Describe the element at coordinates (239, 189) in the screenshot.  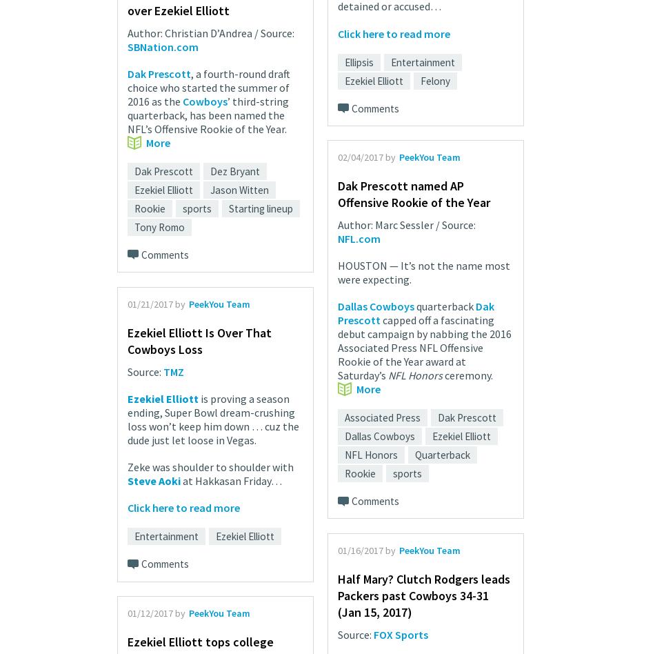
I see `'Jason Witten'` at that location.